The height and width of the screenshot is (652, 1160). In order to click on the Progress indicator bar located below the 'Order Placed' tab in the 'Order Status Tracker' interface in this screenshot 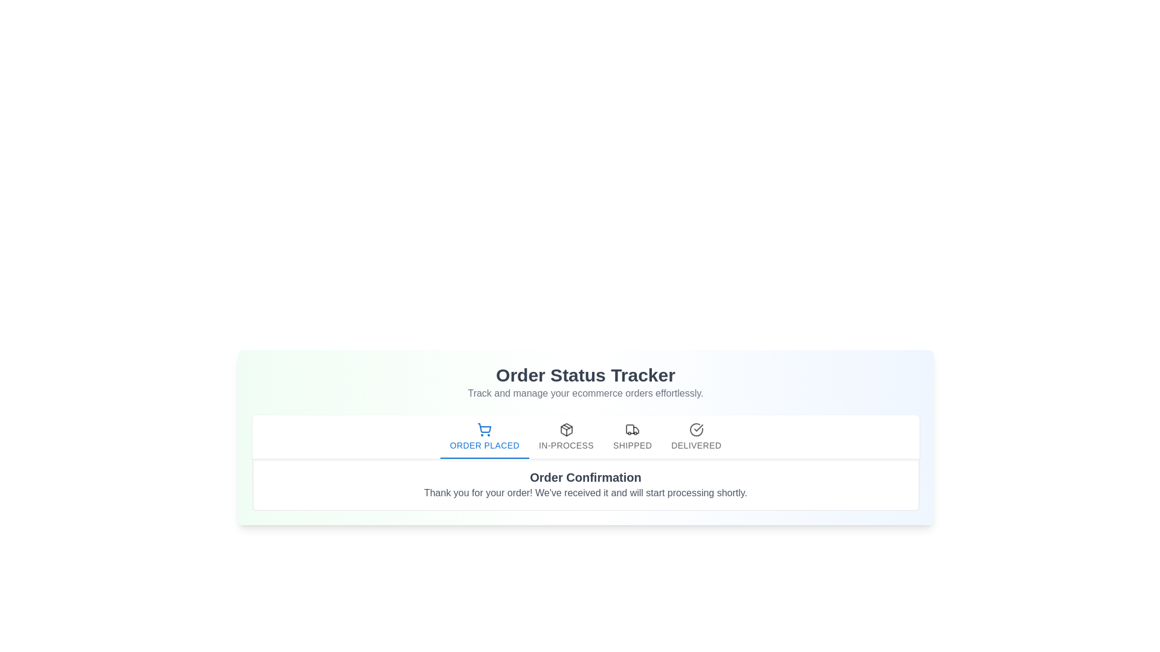, I will do `click(485, 458)`.